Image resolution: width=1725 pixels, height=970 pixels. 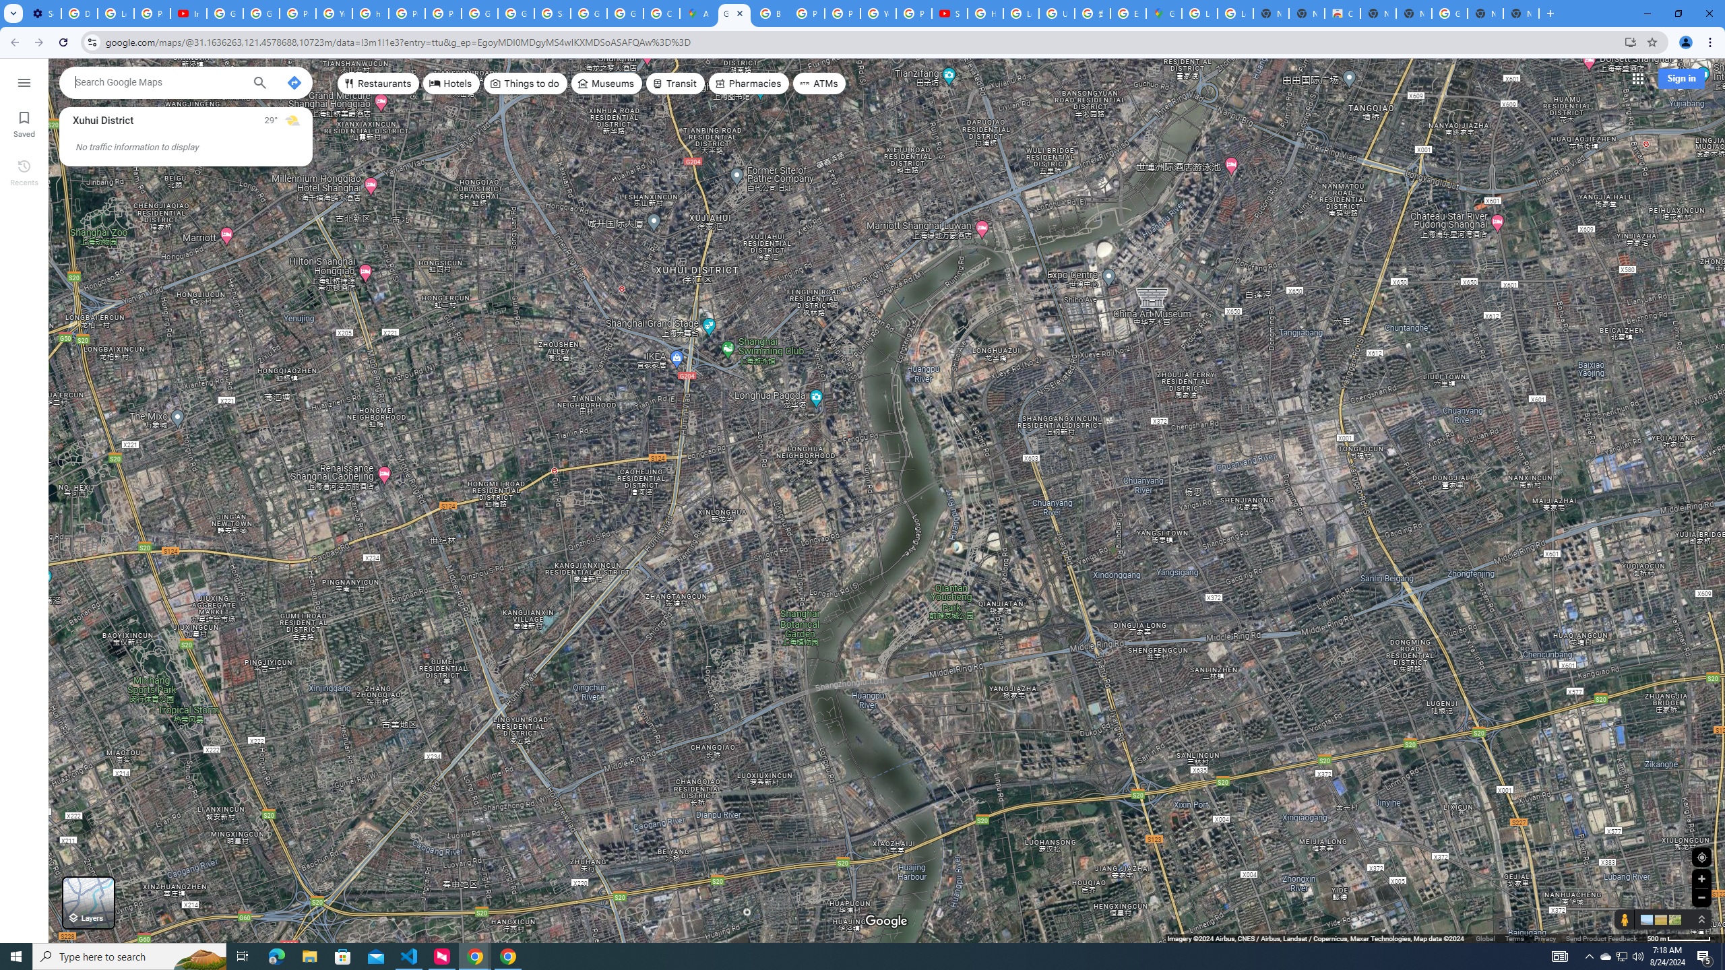 I want to click on 'Explore new street-level details - Google Maps Help', so click(x=1128, y=13).